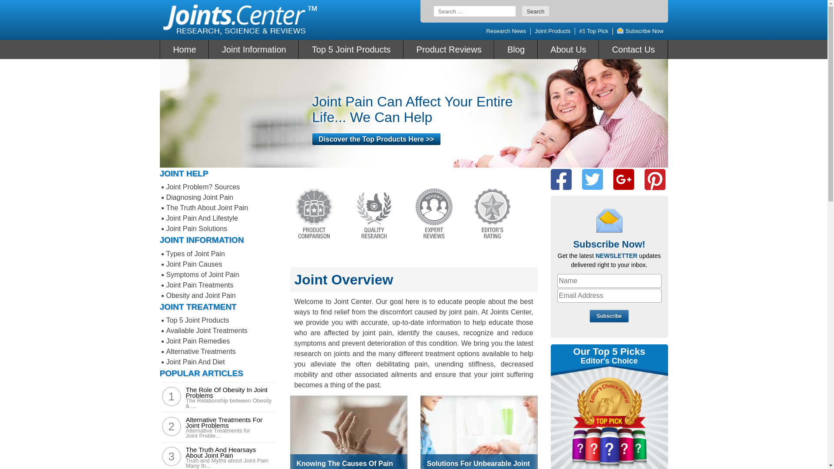  Describe the element at coordinates (197, 320) in the screenshot. I see `'Top 5 Joint Products'` at that location.